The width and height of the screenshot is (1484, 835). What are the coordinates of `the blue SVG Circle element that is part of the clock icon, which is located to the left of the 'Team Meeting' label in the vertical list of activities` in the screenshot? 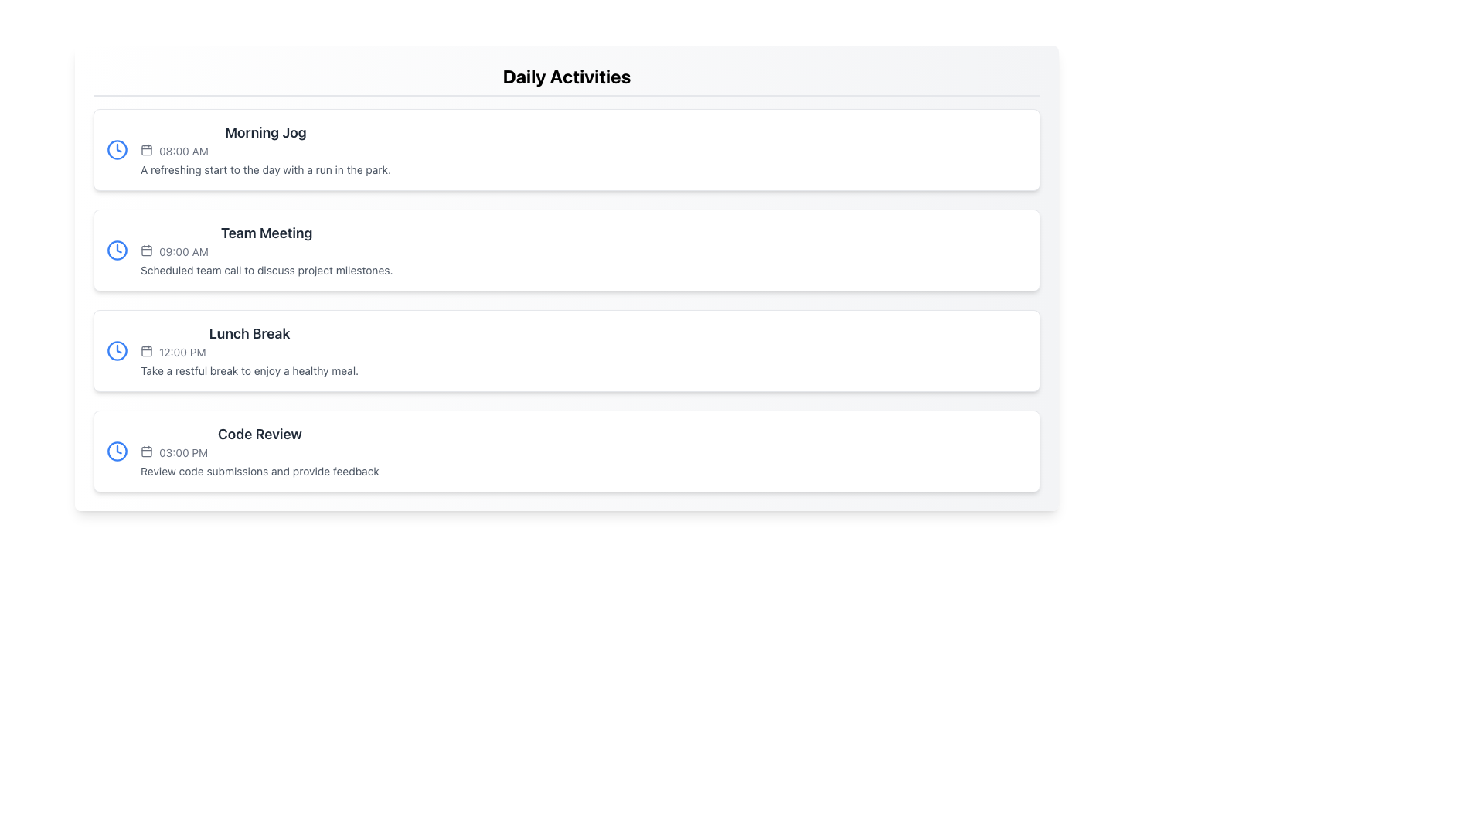 It's located at (117, 250).